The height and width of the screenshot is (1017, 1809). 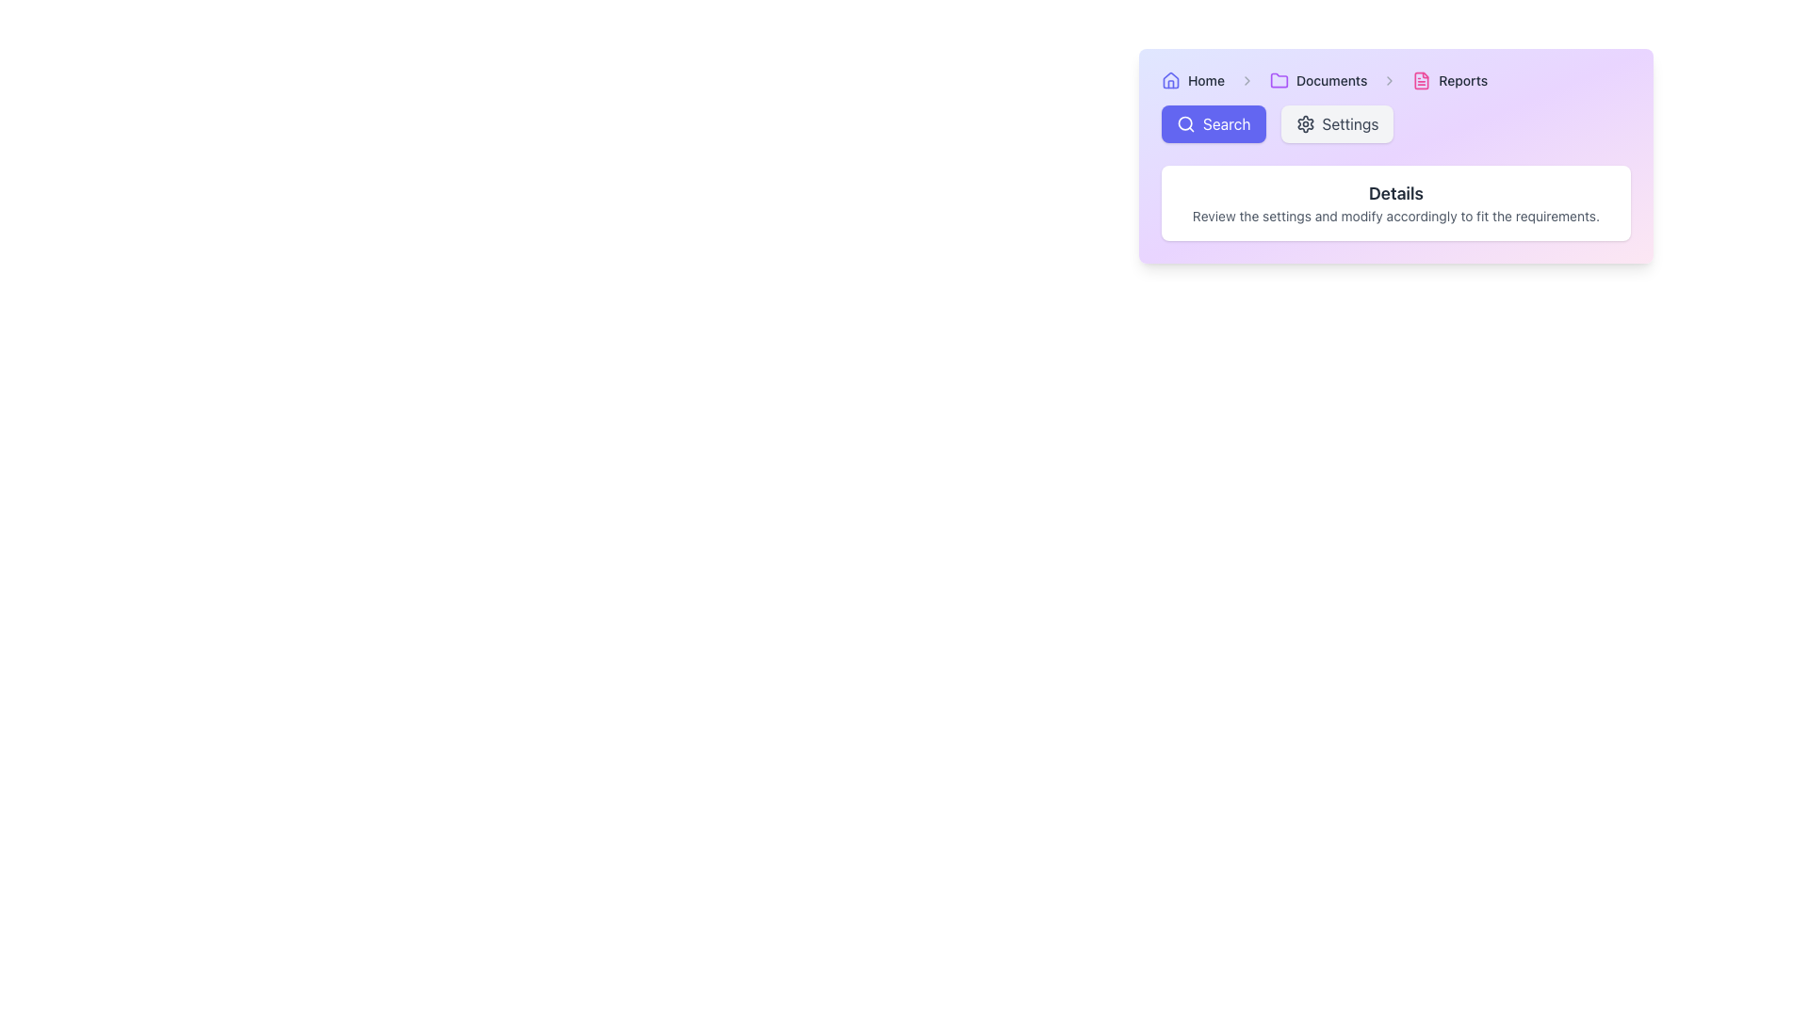 I want to click on the pink document icon in the breadcrumb navigation bar, which is the fourth item labeled 'Reports', so click(x=1422, y=79).